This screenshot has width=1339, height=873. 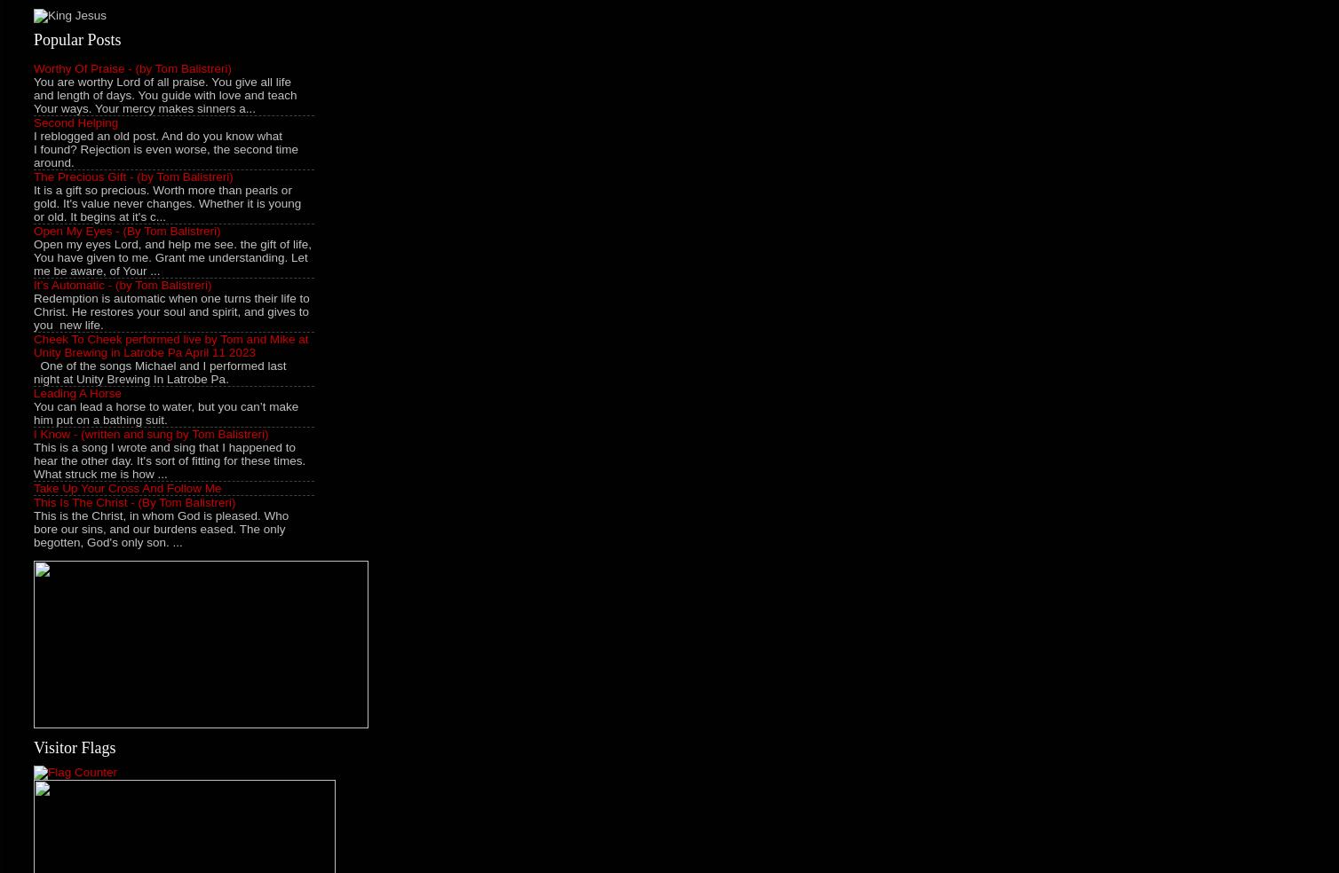 What do you see at coordinates (169, 459) in the screenshot?
I see `'This is a song I wrote and sing that I happened to hear the other day.   It's sort of fitting for these times.   What struck me is how ...'` at bounding box center [169, 459].